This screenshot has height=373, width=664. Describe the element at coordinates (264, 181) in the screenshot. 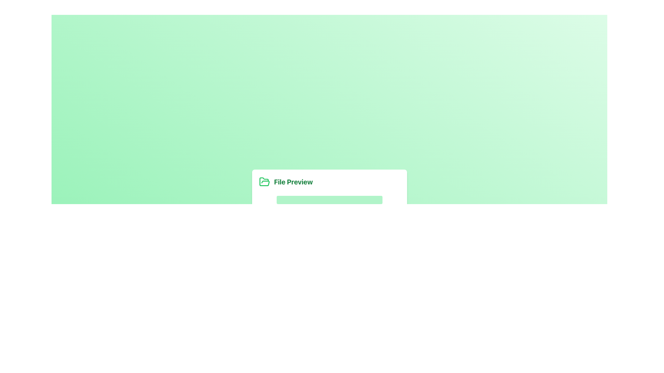

I see `the green folder icon with an open flap, located to the left of the 'File Preview' text label` at that location.